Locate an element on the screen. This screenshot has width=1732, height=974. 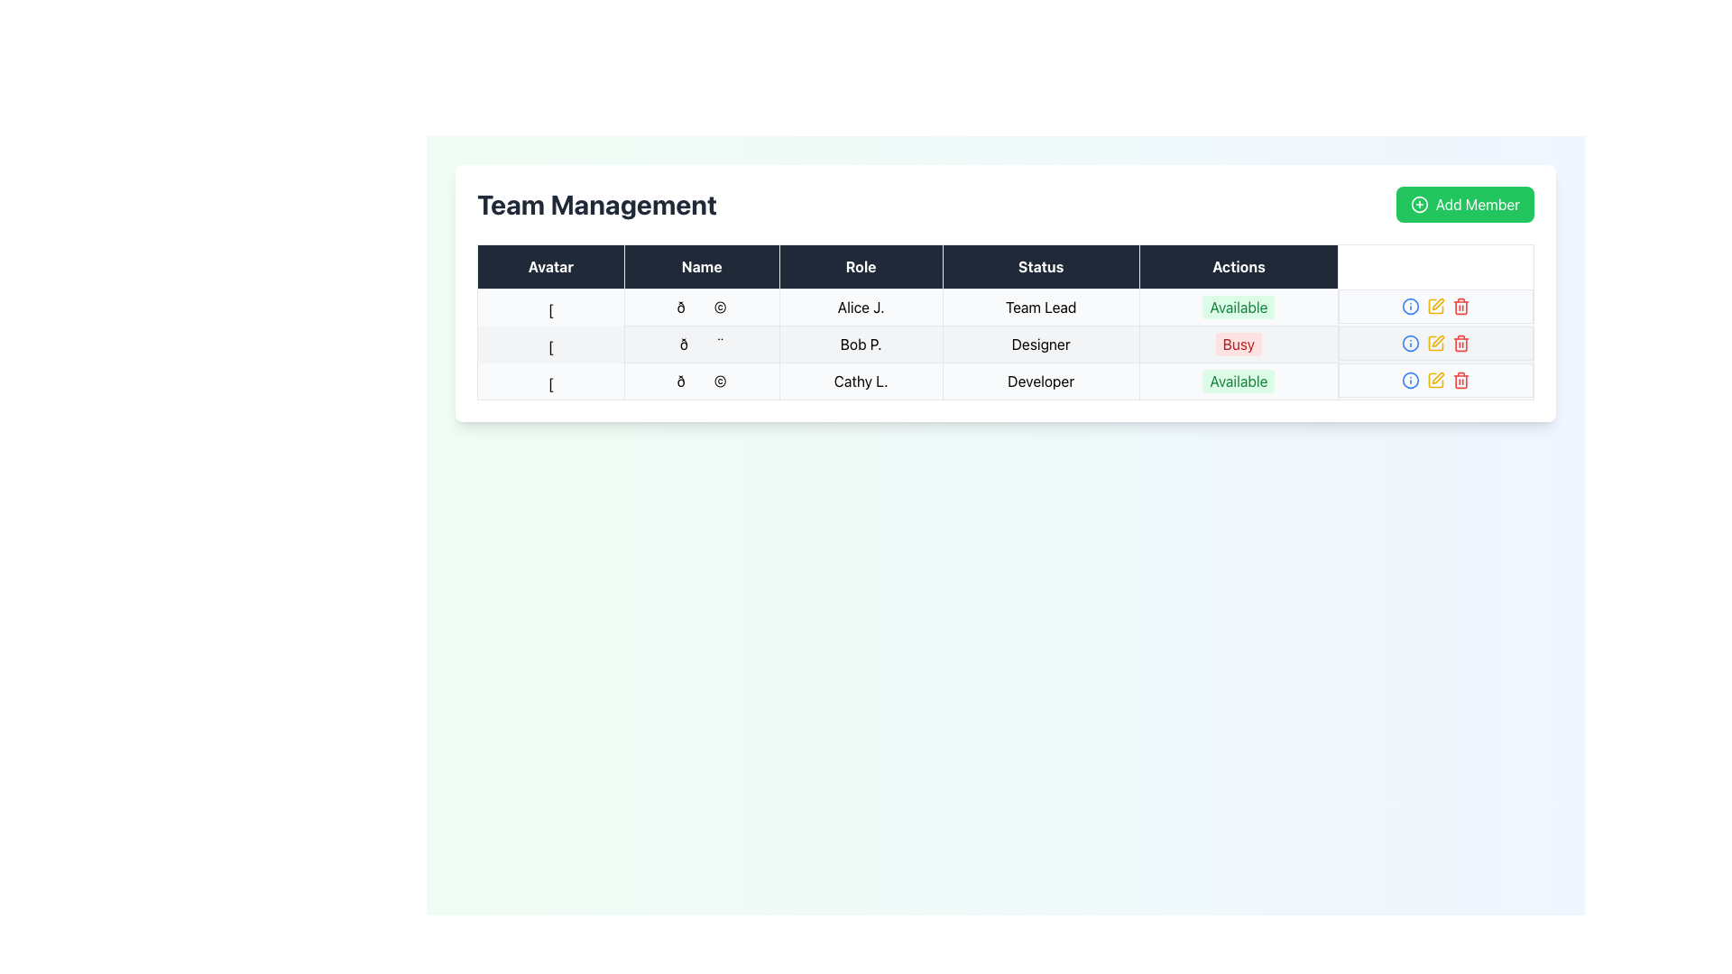
the Table Header Cell labeled 'Actions', which is the fifth column header in the table, featuring white text on a dark background is located at coordinates (1238, 267).